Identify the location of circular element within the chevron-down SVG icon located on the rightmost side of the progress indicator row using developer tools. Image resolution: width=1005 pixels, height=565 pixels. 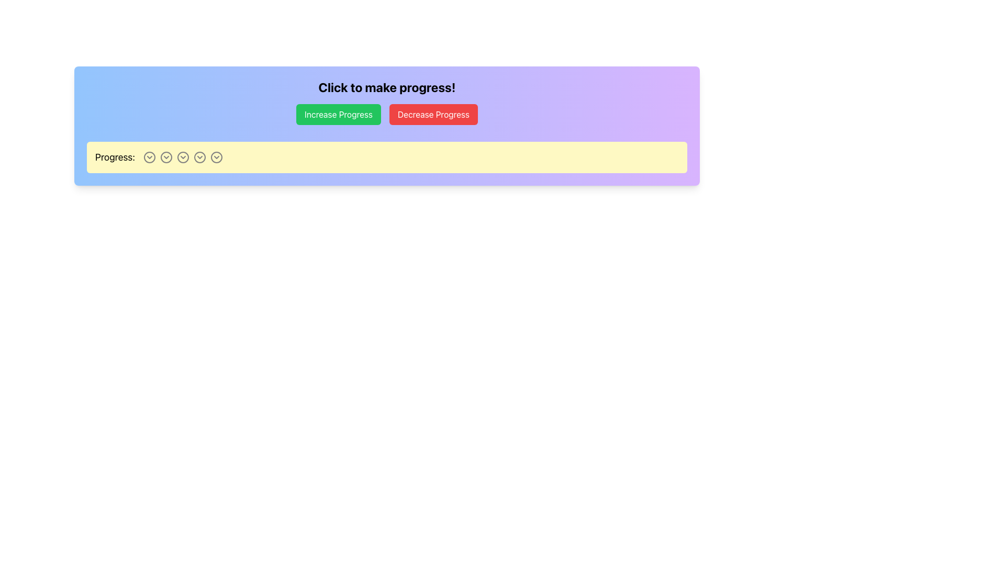
(216, 157).